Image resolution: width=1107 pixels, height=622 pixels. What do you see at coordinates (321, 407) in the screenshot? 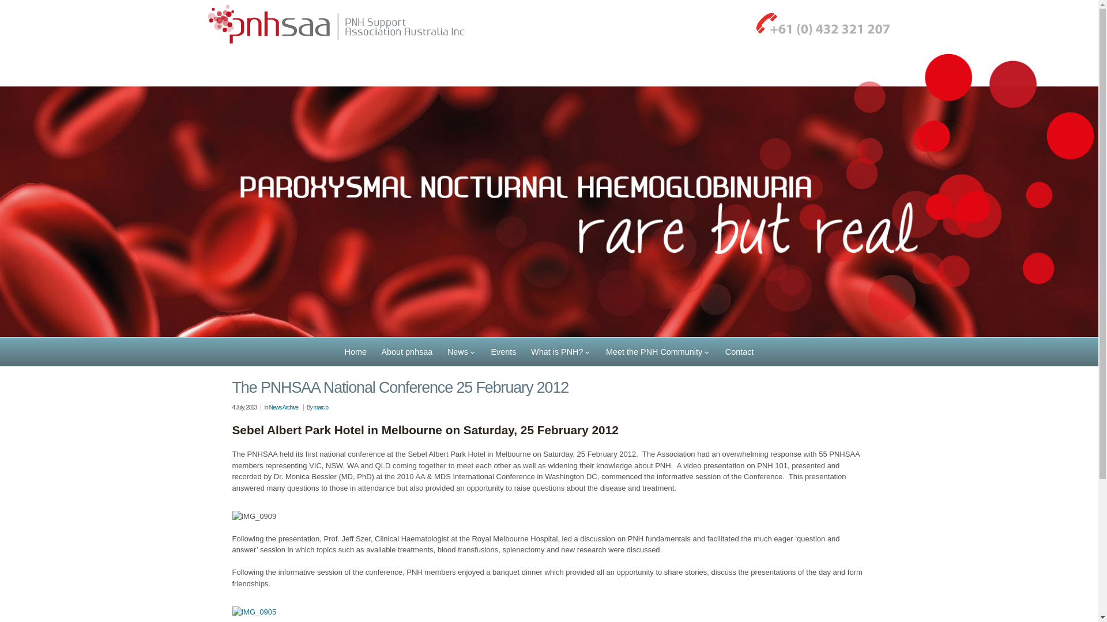
I see `'marc b'` at bounding box center [321, 407].